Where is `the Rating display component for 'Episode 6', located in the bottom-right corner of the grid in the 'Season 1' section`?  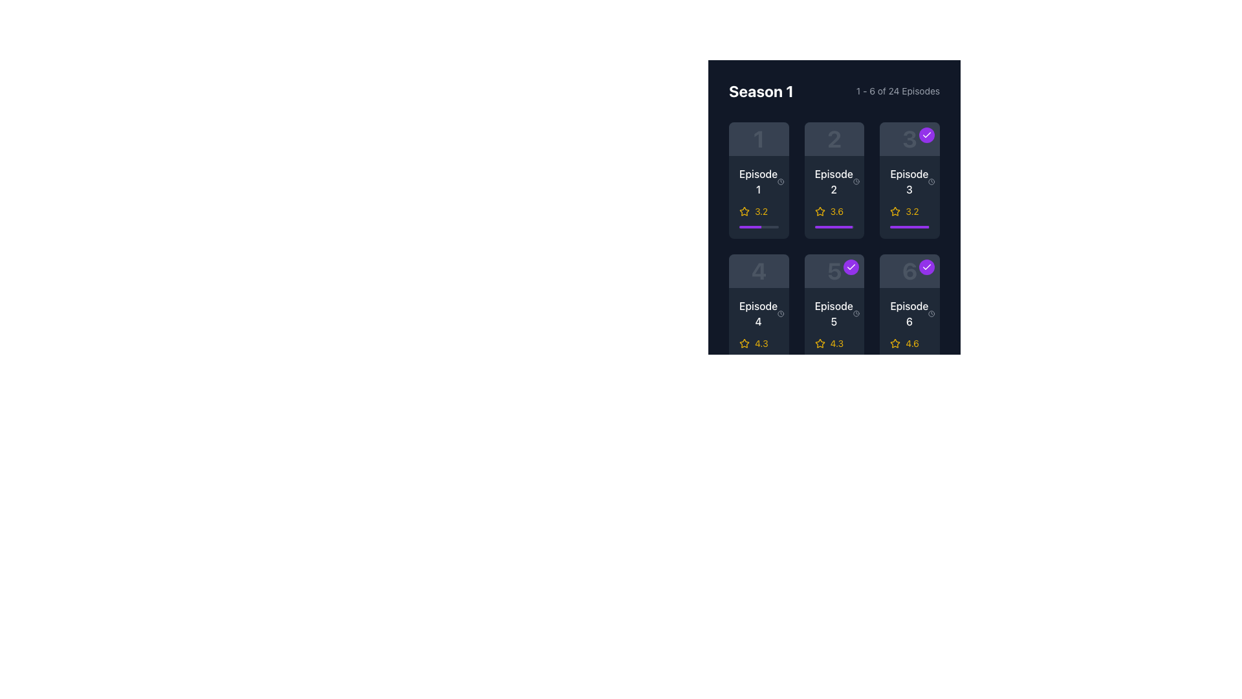
the Rating display component for 'Episode 6', located in the bottom-right corner of the grid in the 'Season 1' section is located at coordinates (909, 343).